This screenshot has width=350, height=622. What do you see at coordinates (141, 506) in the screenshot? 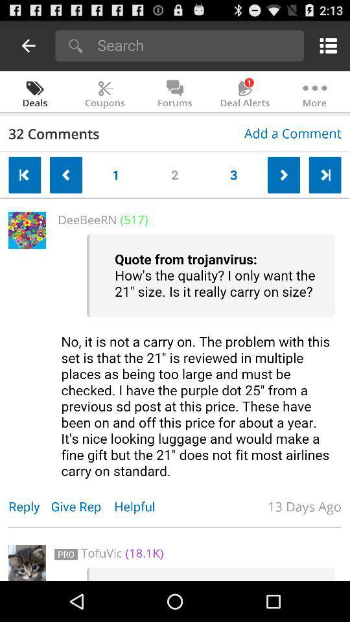
I see `icon to the left of the 13 days ago item` at bounding box center [141, 506].